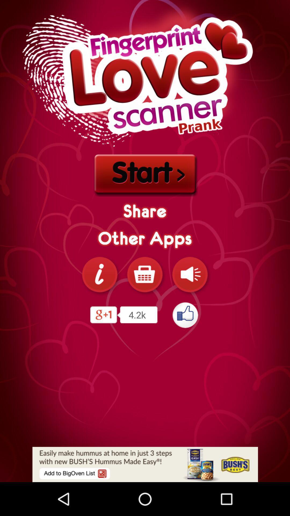  I want to click on shows sound icon, so click(190, 274).